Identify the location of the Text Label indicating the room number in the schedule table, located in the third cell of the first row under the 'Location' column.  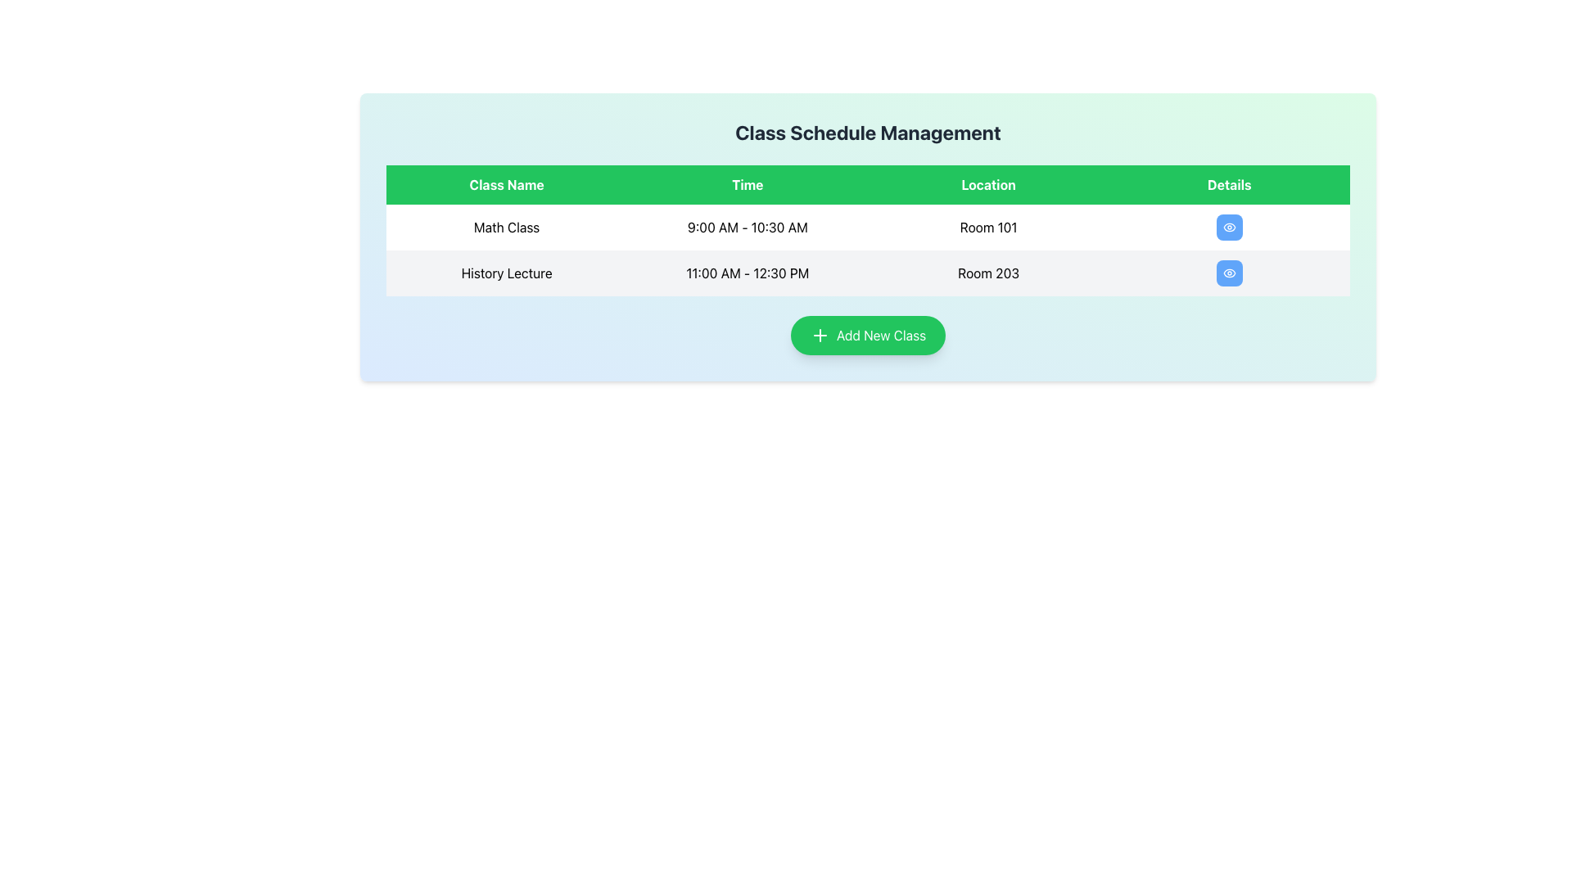
(987, 227).